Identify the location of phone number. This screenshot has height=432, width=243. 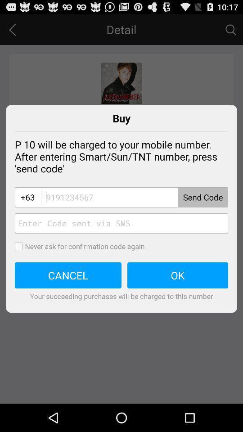
(134, 197).